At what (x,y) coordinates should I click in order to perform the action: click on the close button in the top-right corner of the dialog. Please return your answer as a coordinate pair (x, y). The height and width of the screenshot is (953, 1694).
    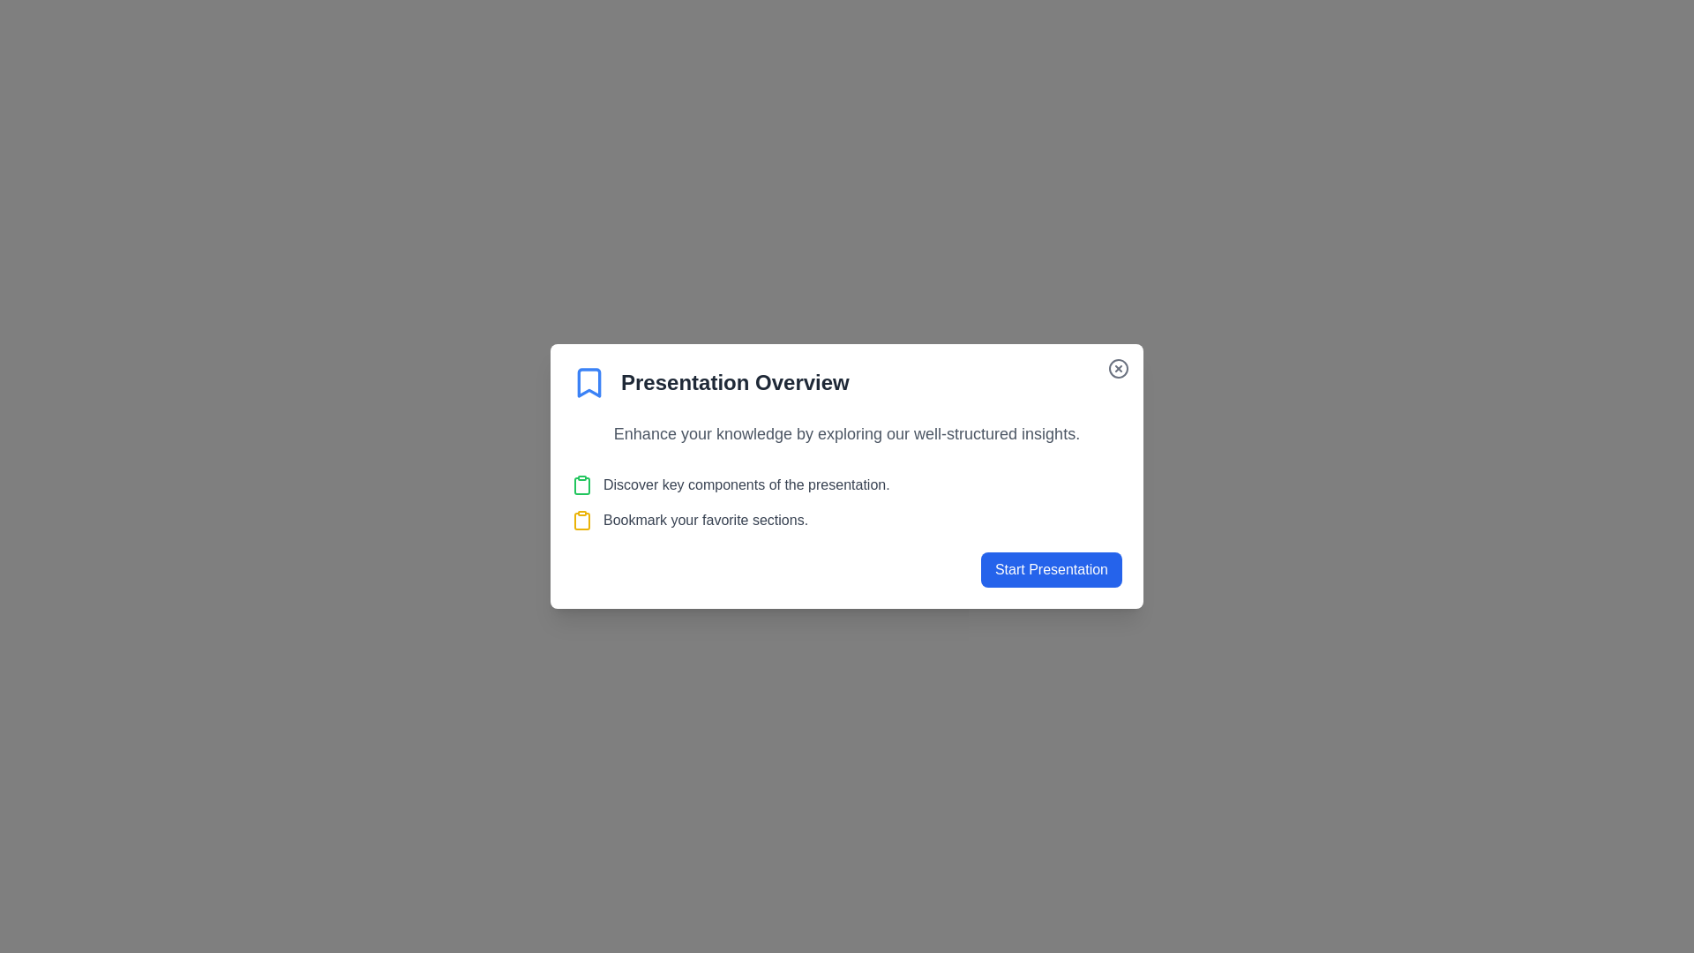
    Looking at the image, I should click on (1117, 367).